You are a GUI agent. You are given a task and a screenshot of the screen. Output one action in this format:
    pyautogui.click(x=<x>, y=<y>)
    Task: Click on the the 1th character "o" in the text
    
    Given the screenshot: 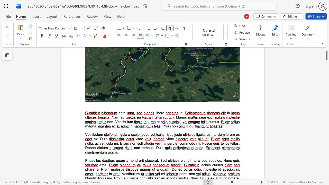 What is the action you would take?
    pyautogui.click(x=167, y=126)
    